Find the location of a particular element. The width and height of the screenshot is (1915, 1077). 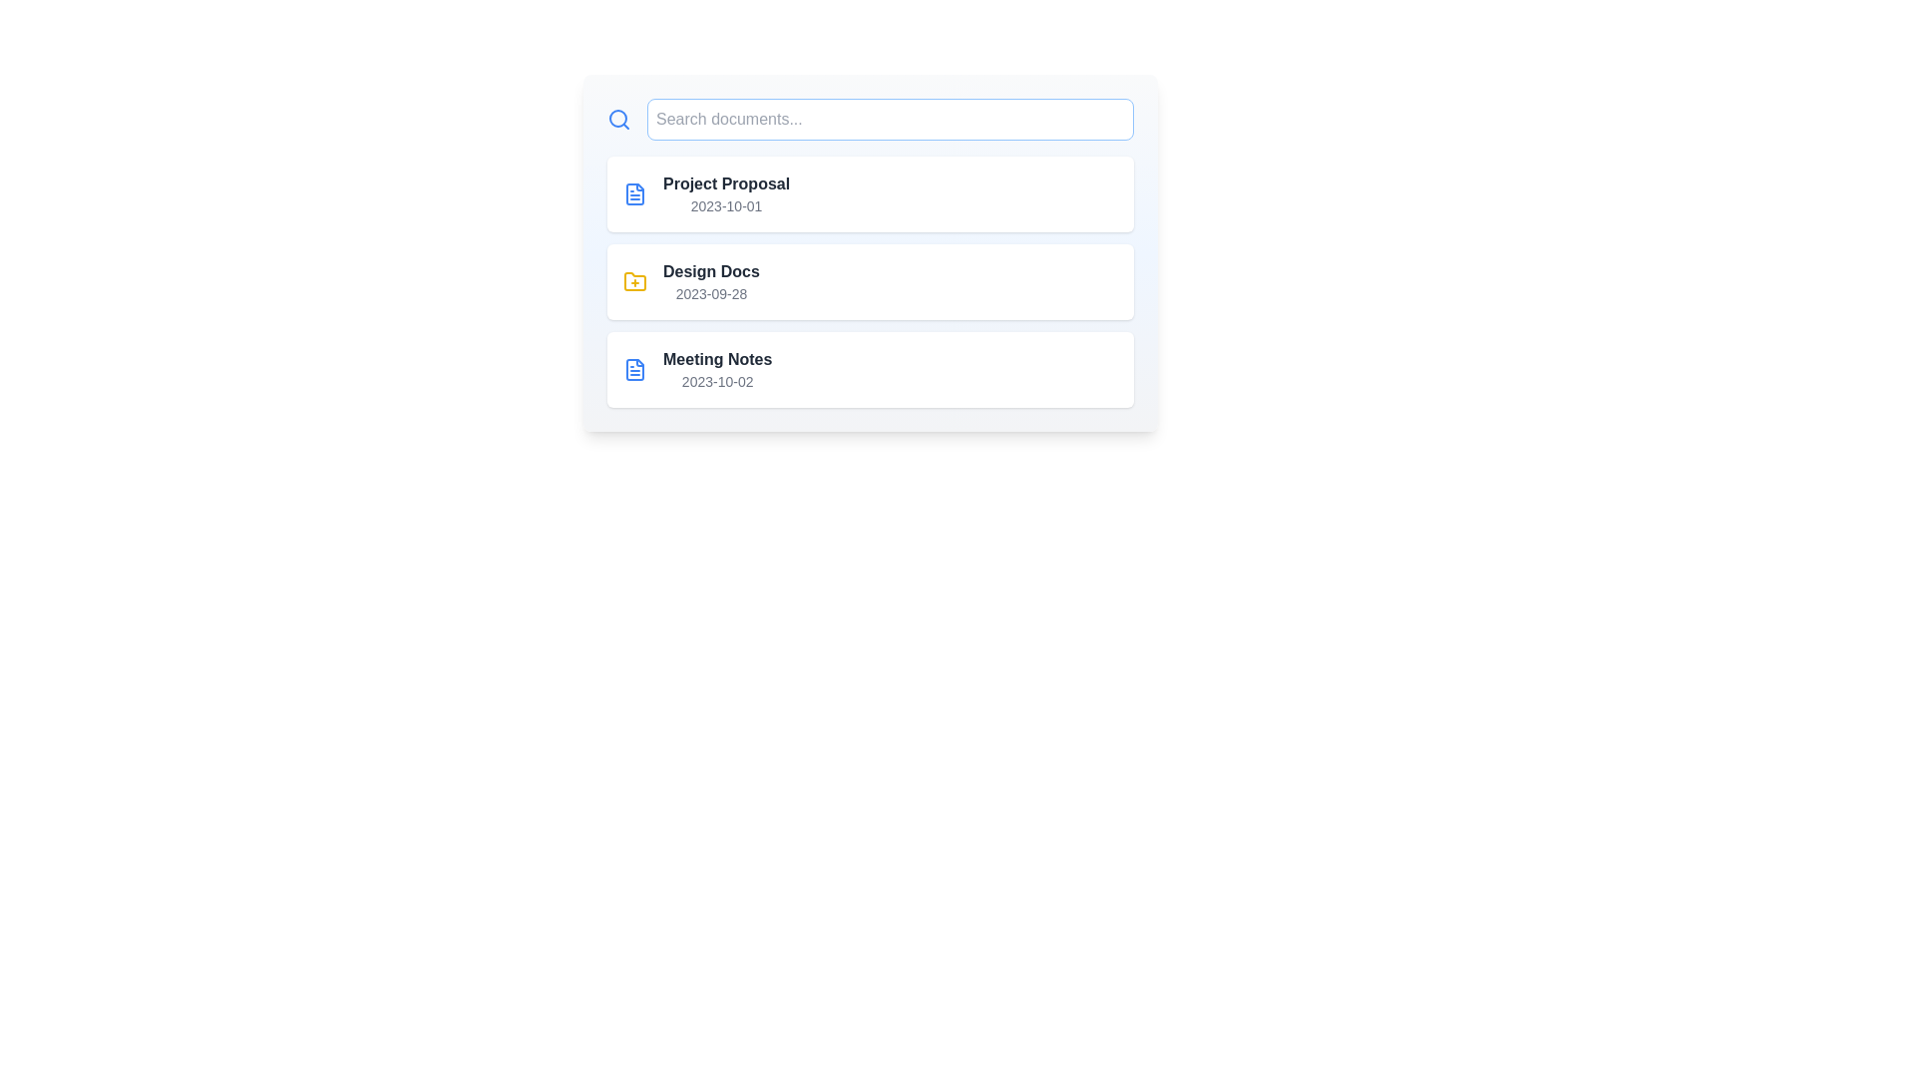

the document item identified by Design Docs is located at coordinates (871, 281).